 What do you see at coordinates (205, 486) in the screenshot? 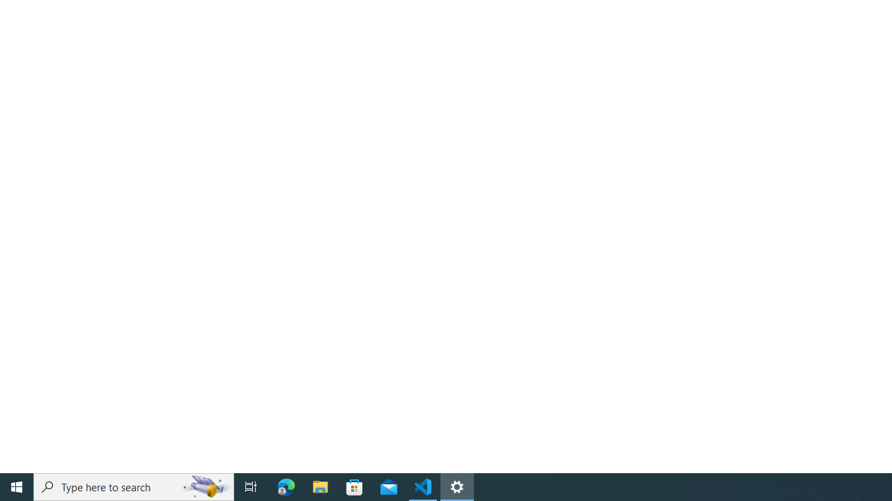
I see `'Search highlights icon opens search home window'` at bounding box center [205, 486].